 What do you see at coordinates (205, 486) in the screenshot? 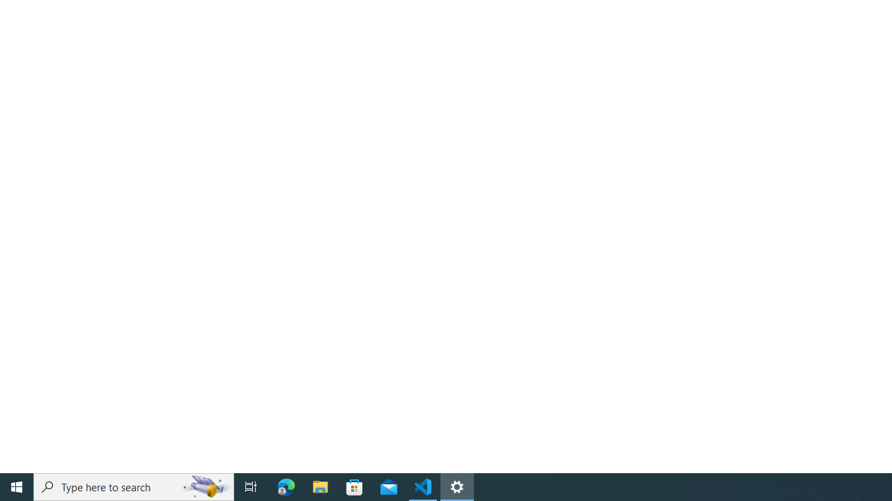
I see `'Search highlights icon opens search home window'` at bounding box center [205, 486].